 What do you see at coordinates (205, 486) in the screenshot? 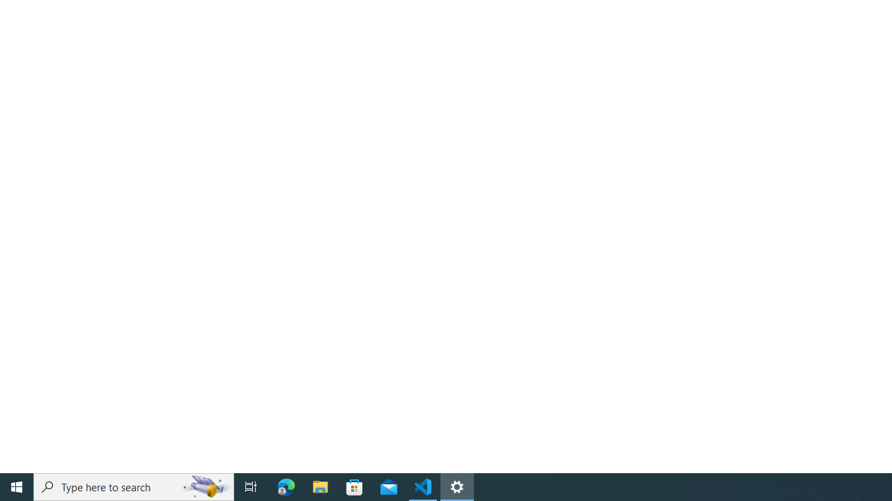
I see `'Search highlights icon opens search home window'` at bounding box center [205, 486].